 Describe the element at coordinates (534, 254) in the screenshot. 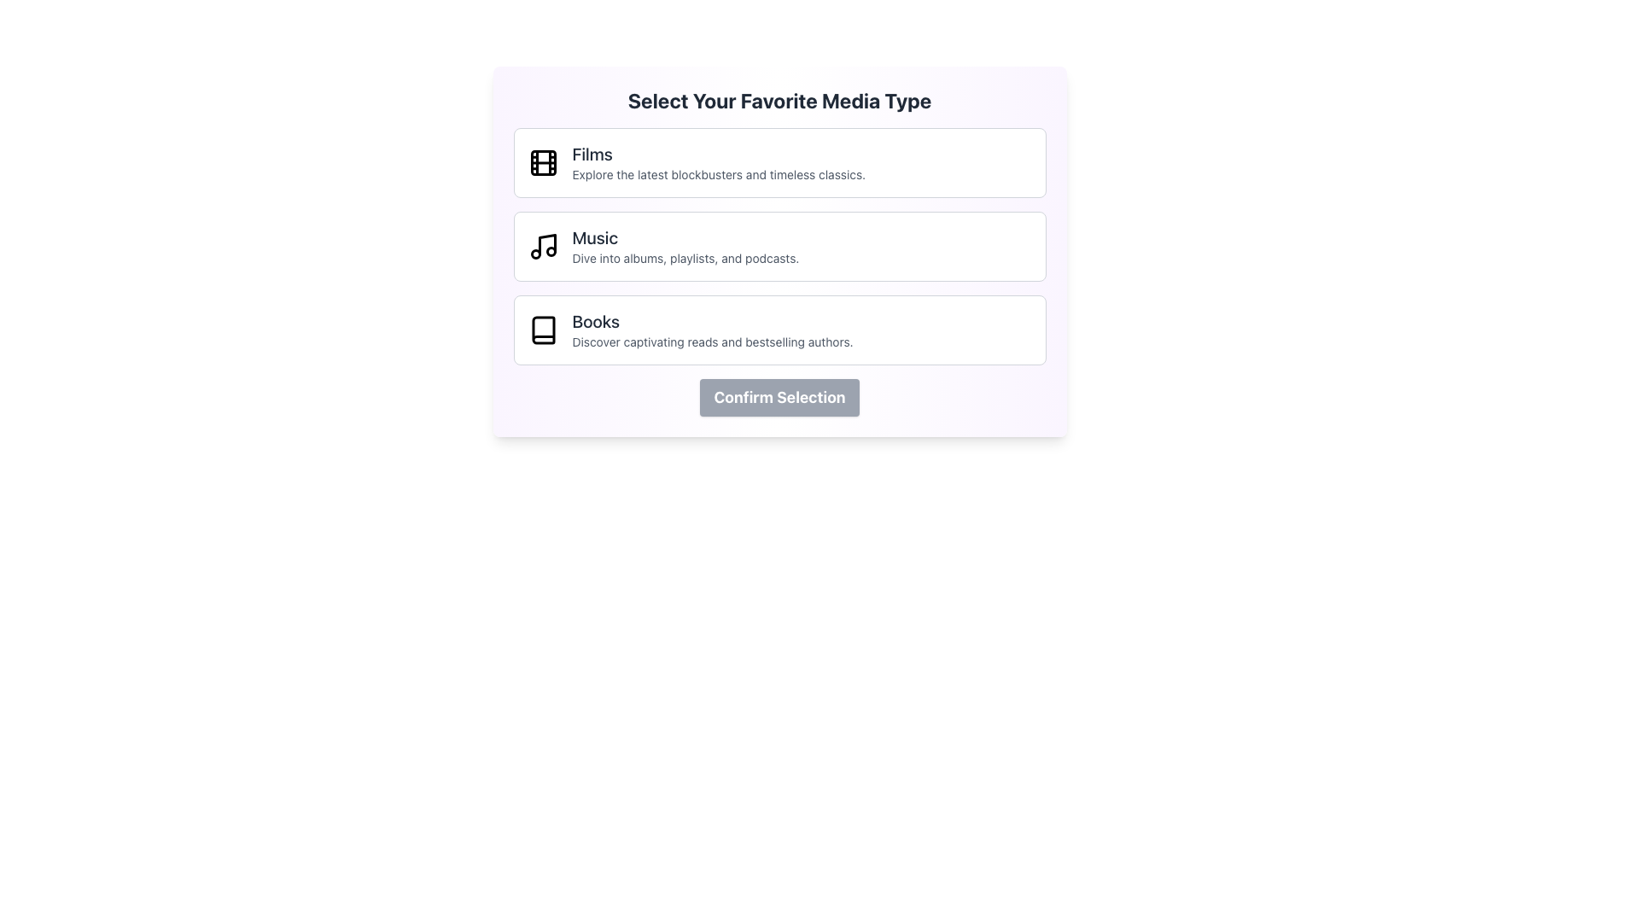

I see `the smaller circle that is part of the music note icon in the 'Music' row of media type options` at that location.